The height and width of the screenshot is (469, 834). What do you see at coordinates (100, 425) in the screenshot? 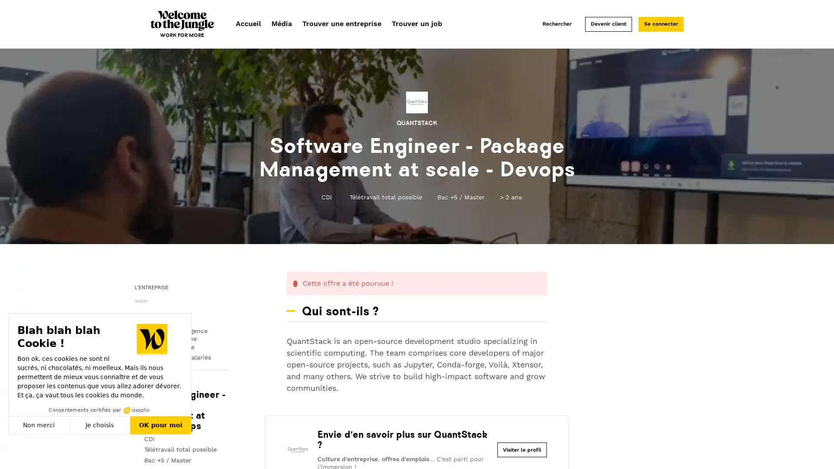
I see `Je choisis` at bounding box center [100, 425].